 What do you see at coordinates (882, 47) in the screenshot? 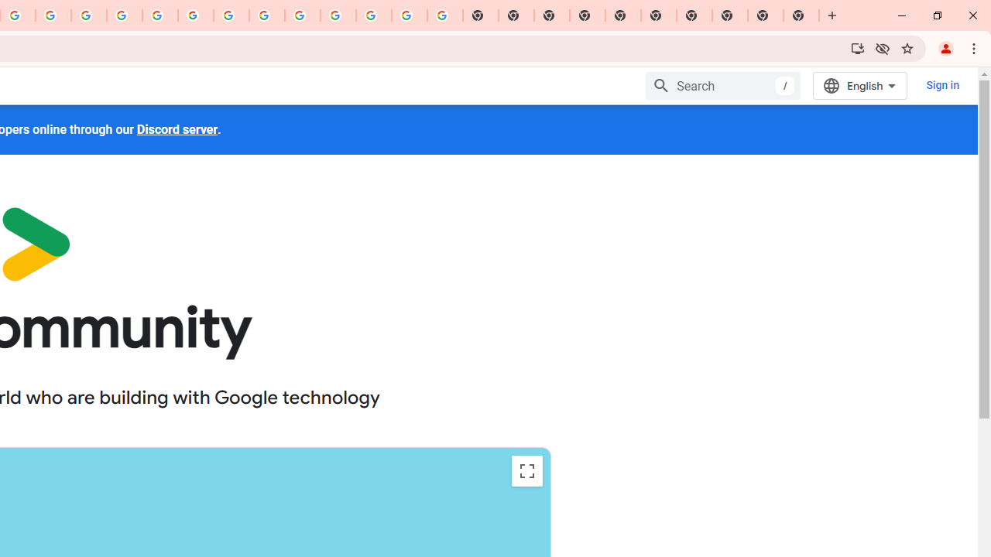
I see `'Third-party cookies blocked'` at bounding box center [882, 47].